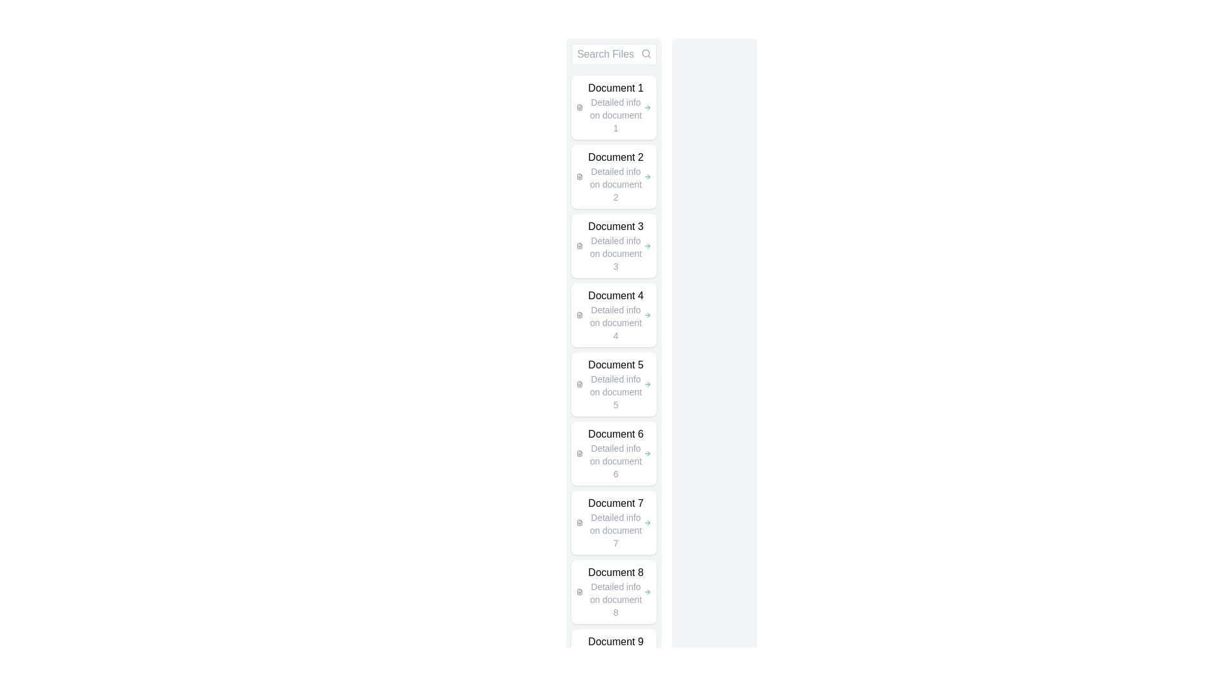 Image resolution: width=1230 pixels, height=692 pixels. What do you see at coordinates (646, 53) in the screenshot?
I see `the search icon located at the top-right of the 'Search Files' input field, which visually represents the search action` at bounding box center [646, 53].